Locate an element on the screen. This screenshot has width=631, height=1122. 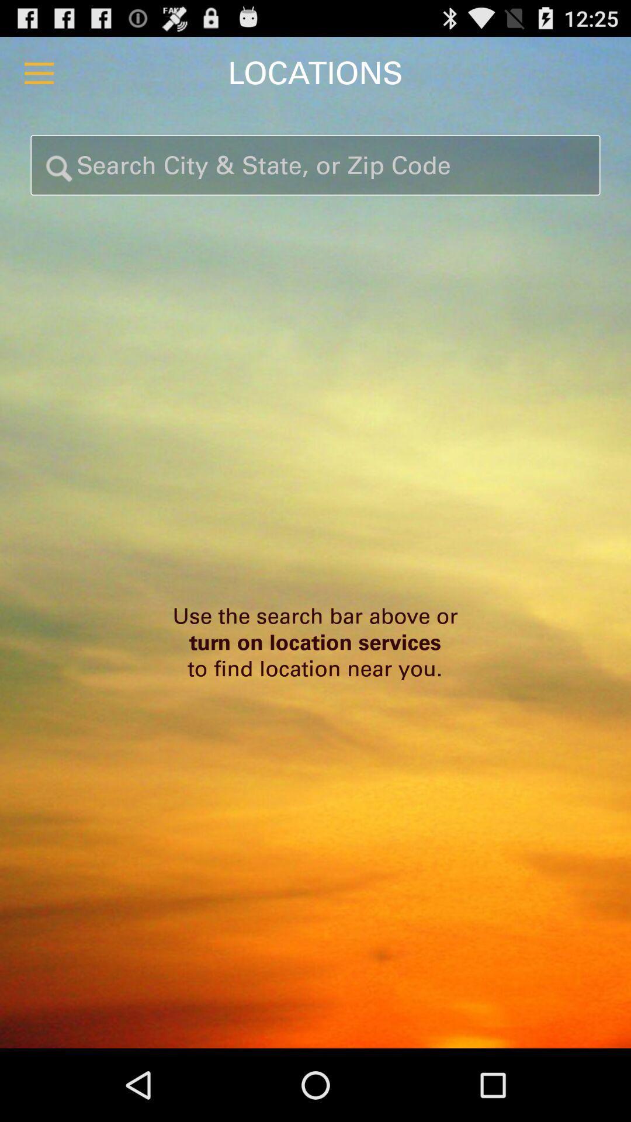
search location is located at coordinates (315, 164).